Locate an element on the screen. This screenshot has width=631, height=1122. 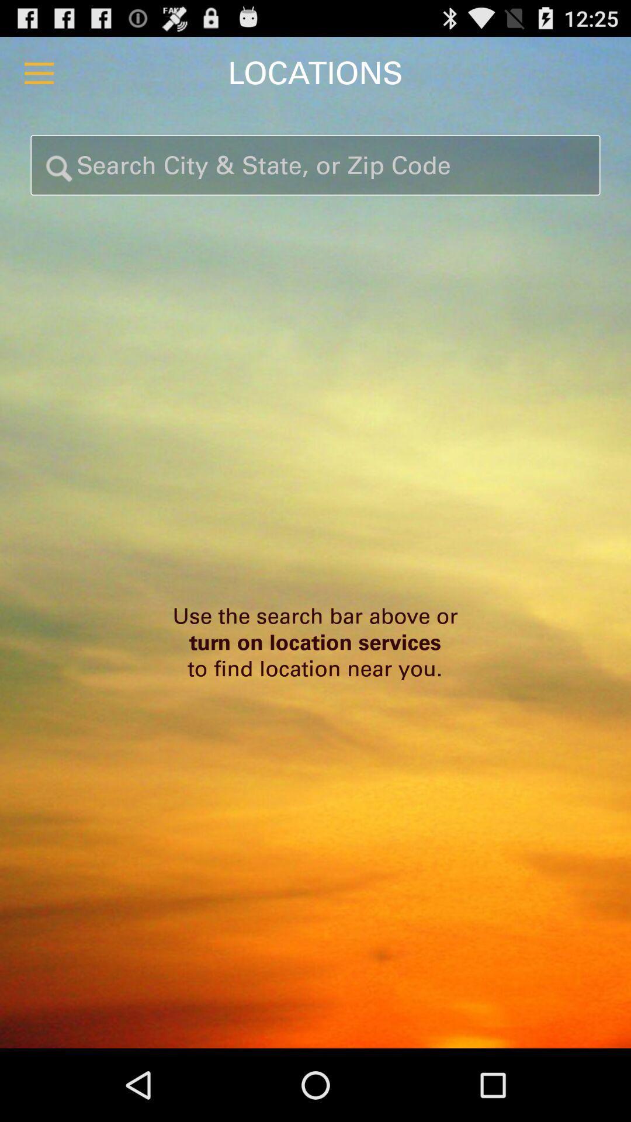
search location is located at coordinates (315, 164).